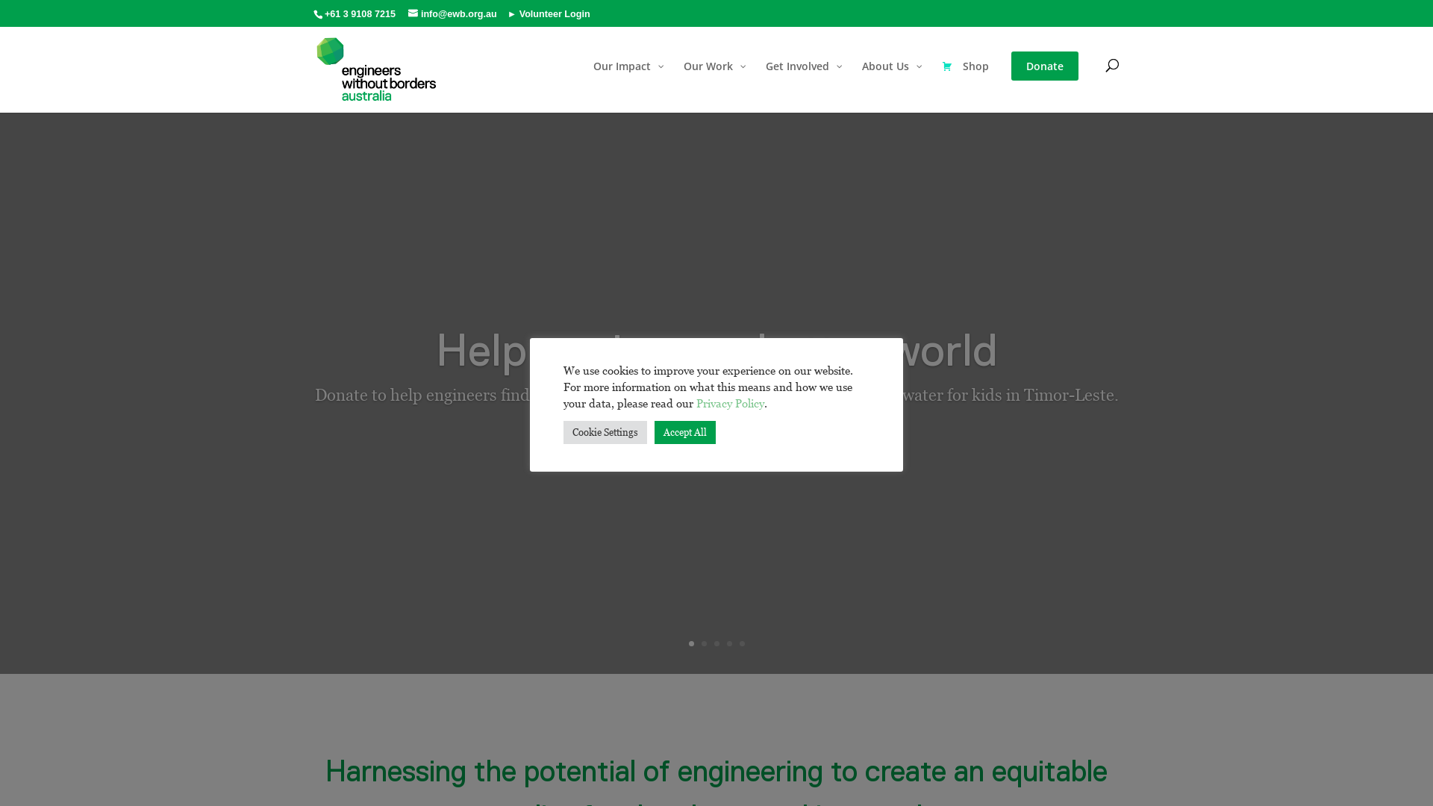 The height and width of the screenshot is (806, 1433). I want to click on 'Cookie Settings', so click(605, 432).